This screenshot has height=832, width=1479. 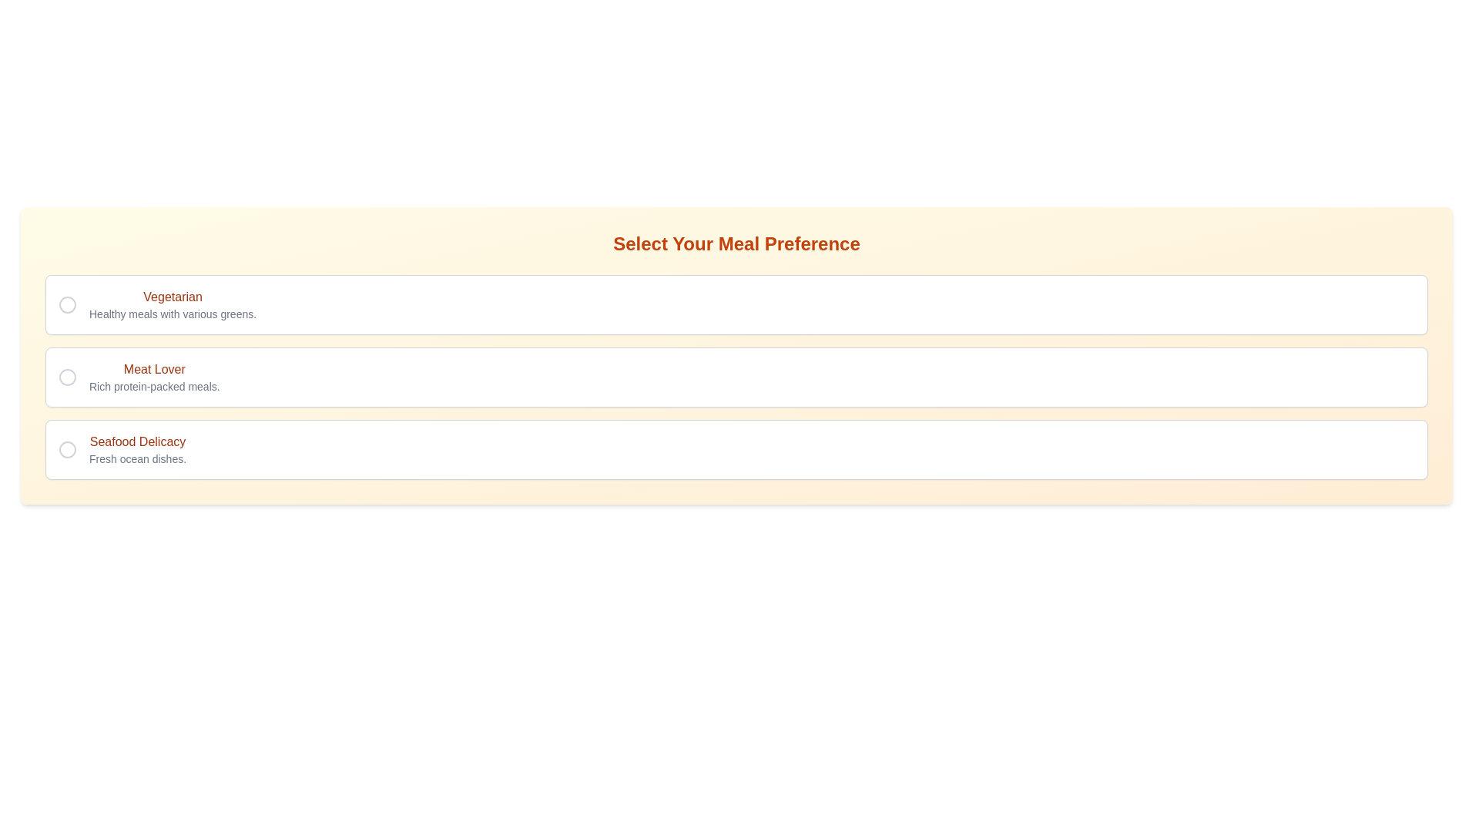 I want to click on the static text label providing information about the 'Vegetarian' meal preference option, located immediately below the 'Vegetarian' label, so click(x=173, y=314).